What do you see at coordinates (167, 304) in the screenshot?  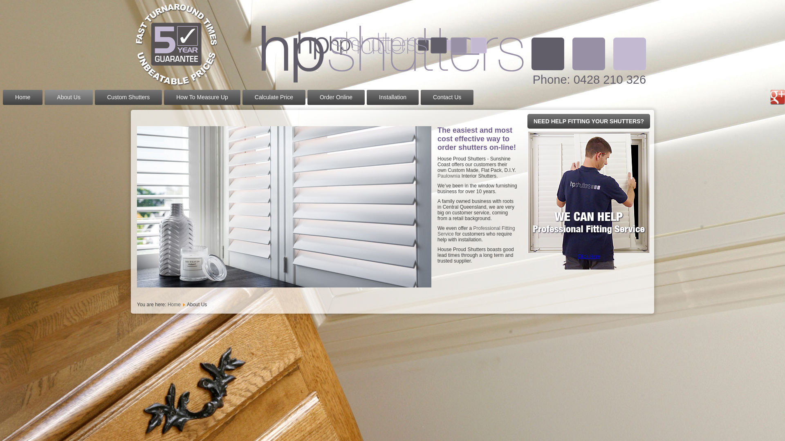 I see `'Home'` at bounding box center [167, 304].